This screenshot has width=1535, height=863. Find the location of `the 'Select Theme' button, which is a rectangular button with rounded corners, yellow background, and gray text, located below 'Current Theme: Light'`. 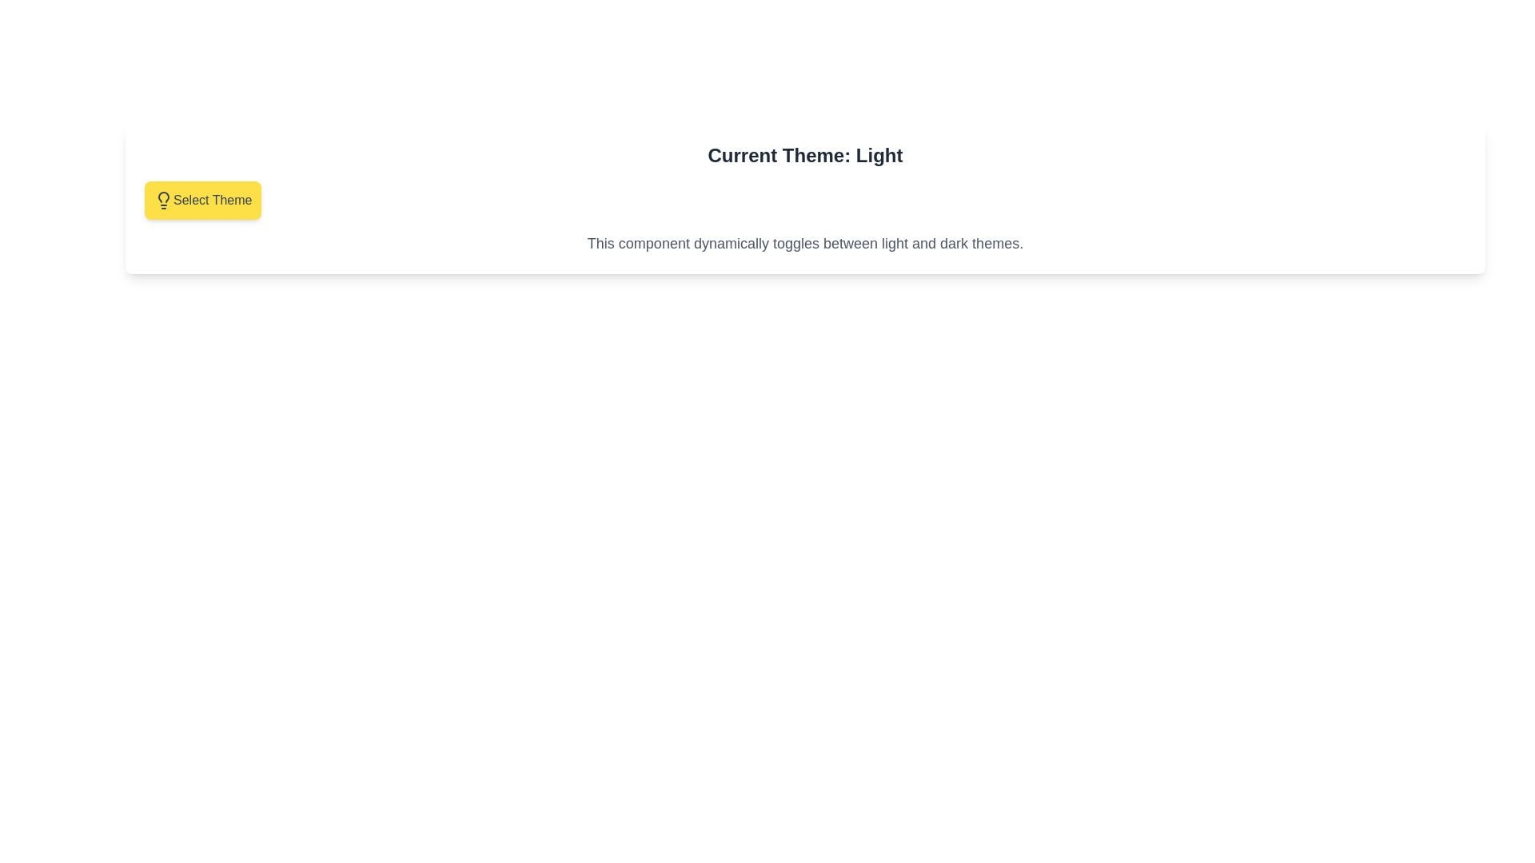

the 'Select Theme' button, which is a rectangular button with rounded corners, yellow background, and gray text, located below 'Current Theme: Light' is located at coordinates (202, 199).